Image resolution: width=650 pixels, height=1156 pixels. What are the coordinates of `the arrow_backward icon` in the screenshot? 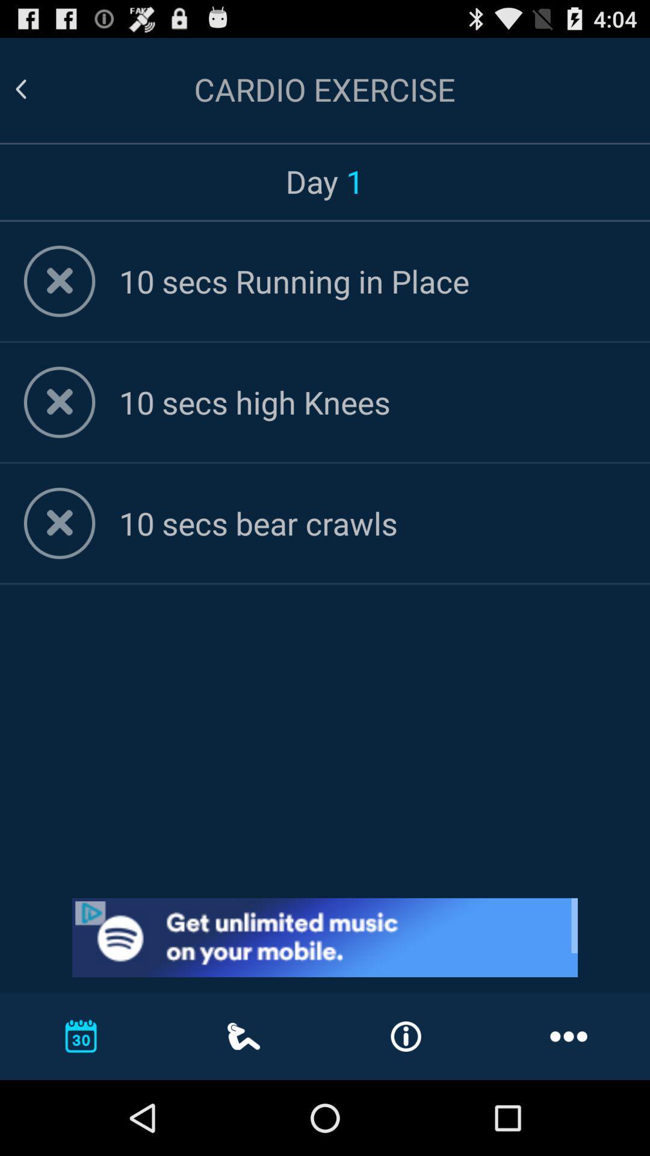 It's located at (35, 95).